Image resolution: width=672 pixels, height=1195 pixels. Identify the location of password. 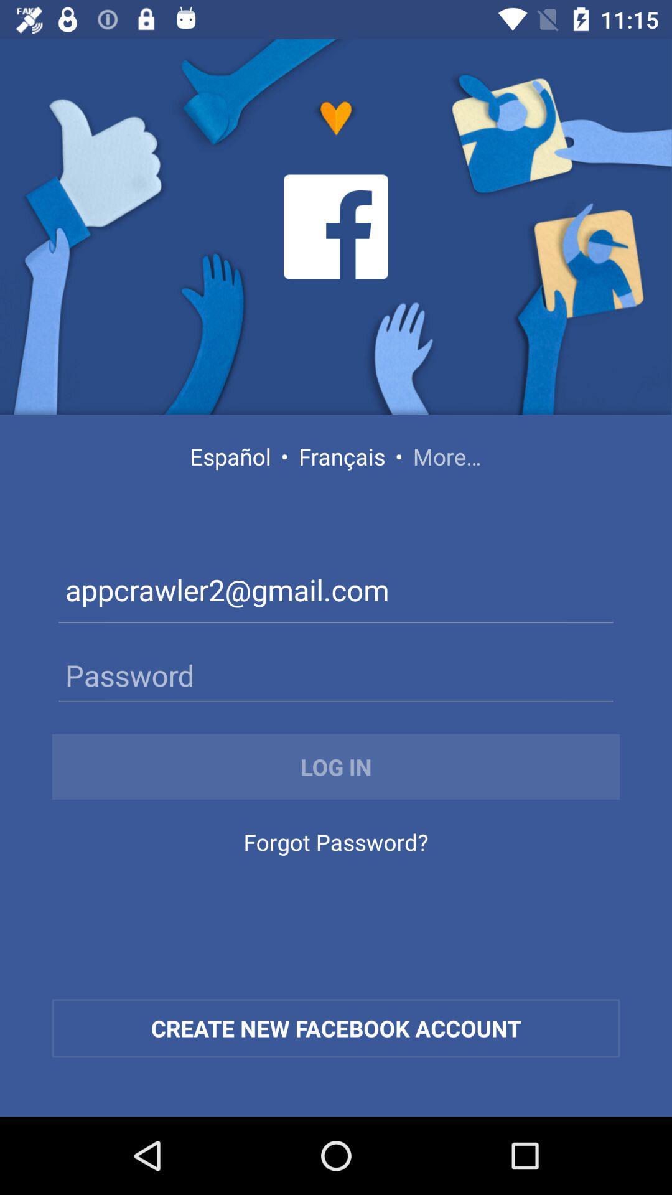
(336, 674).